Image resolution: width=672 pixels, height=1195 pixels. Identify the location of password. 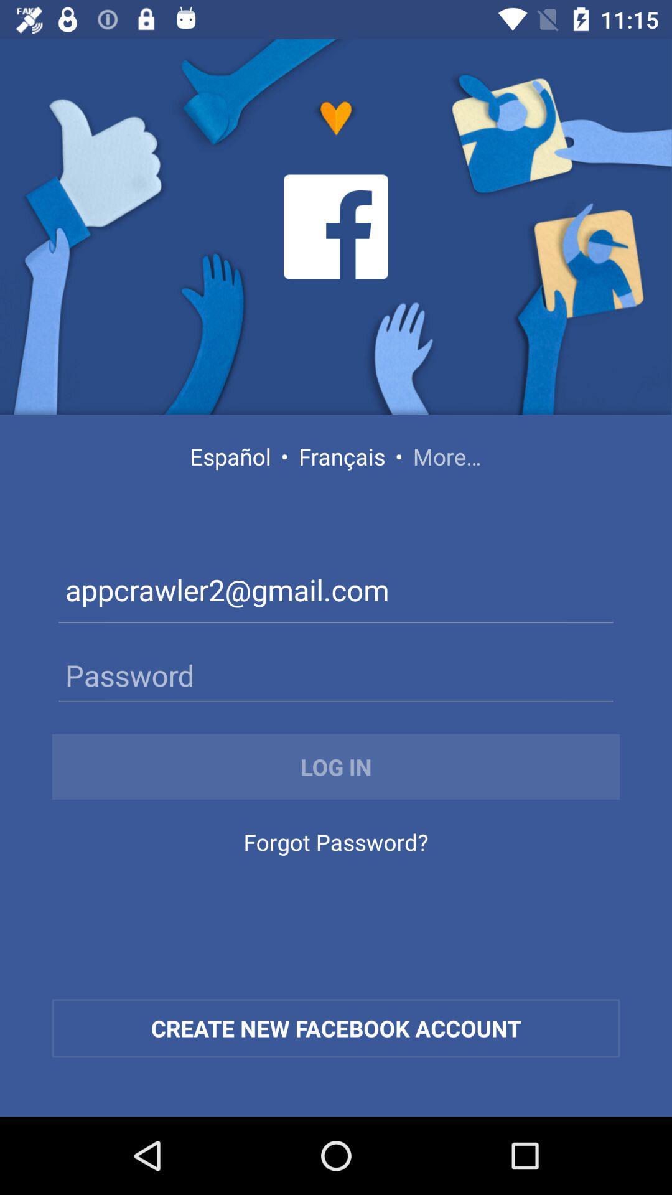
(336, 674).